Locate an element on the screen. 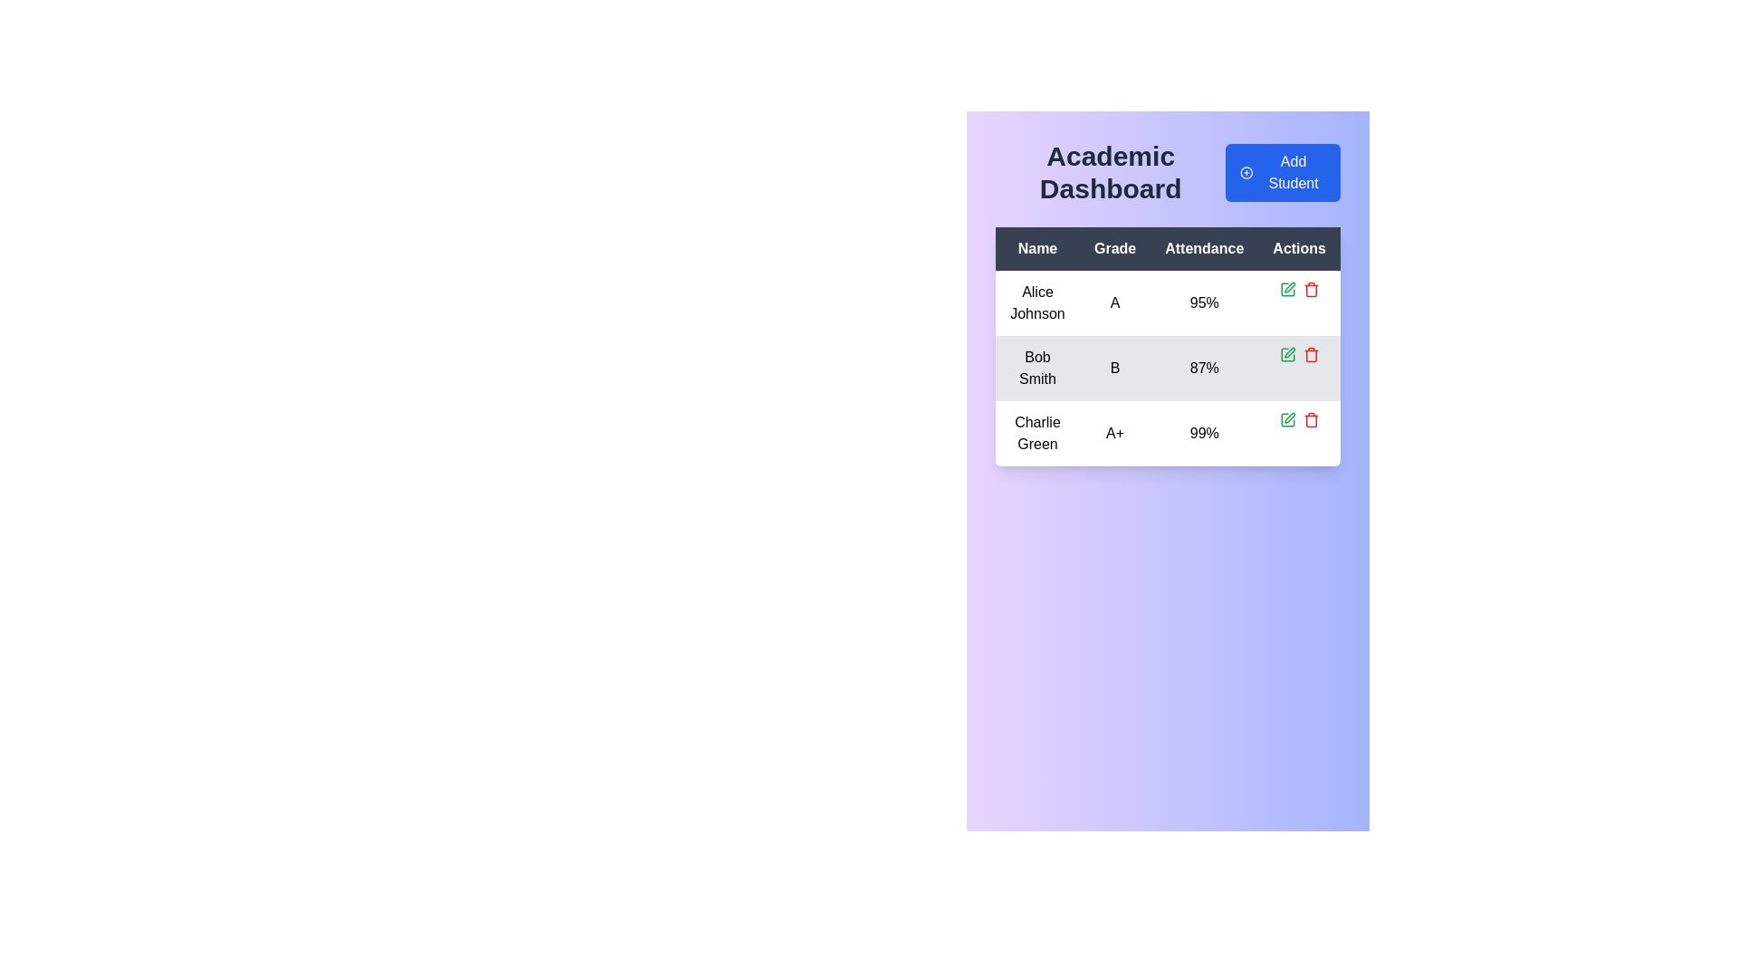 The image size is (1738, 978). the text label displaying '95%' in black font located in the 'Attendance' column of the table is located at coordinates (1204, 302).